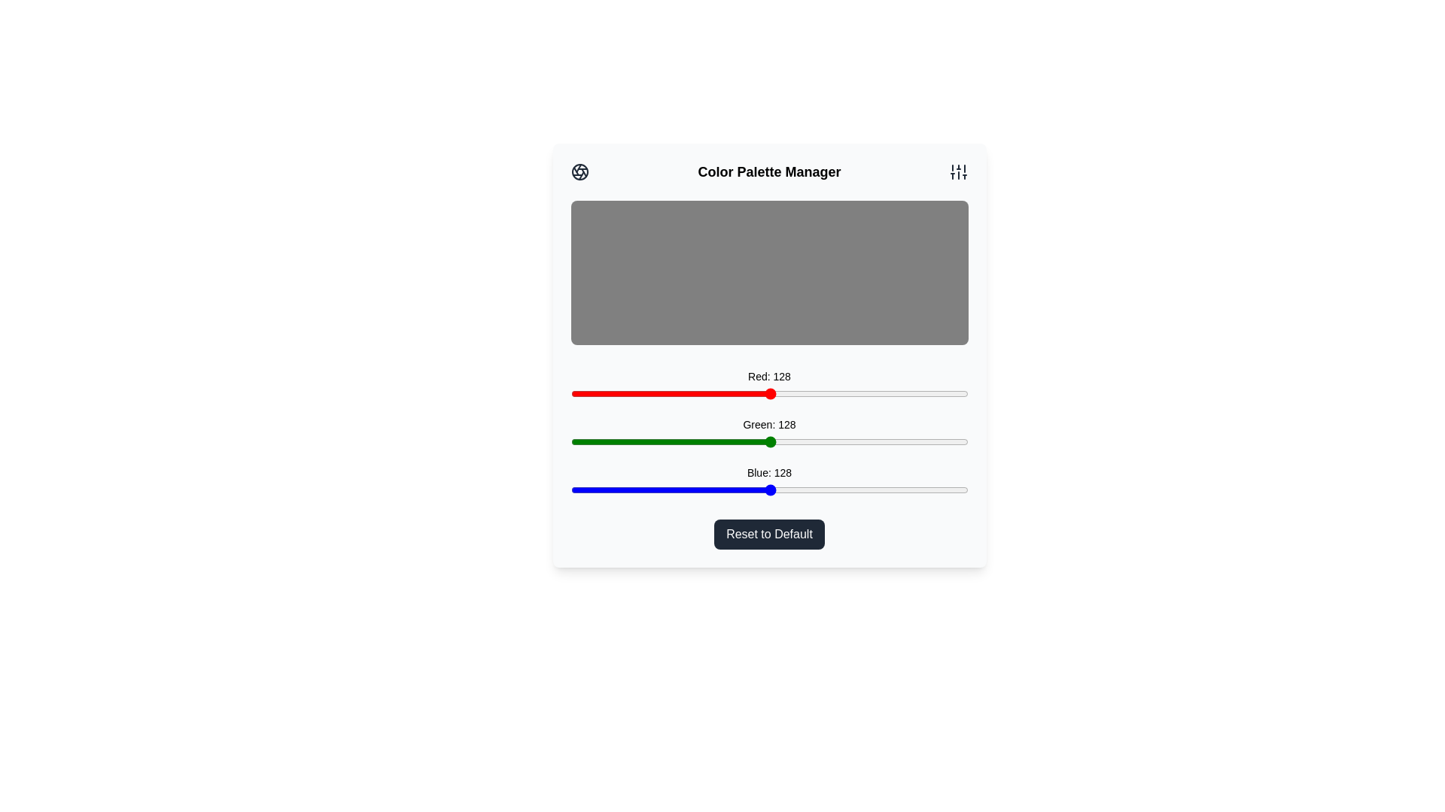 Image resolution: width=1445 pixels, height=812 pixels. Describe the element at coordinates (599, 441) in the screenshot. I see `the green slider to set the green intensity to 19` at that location.